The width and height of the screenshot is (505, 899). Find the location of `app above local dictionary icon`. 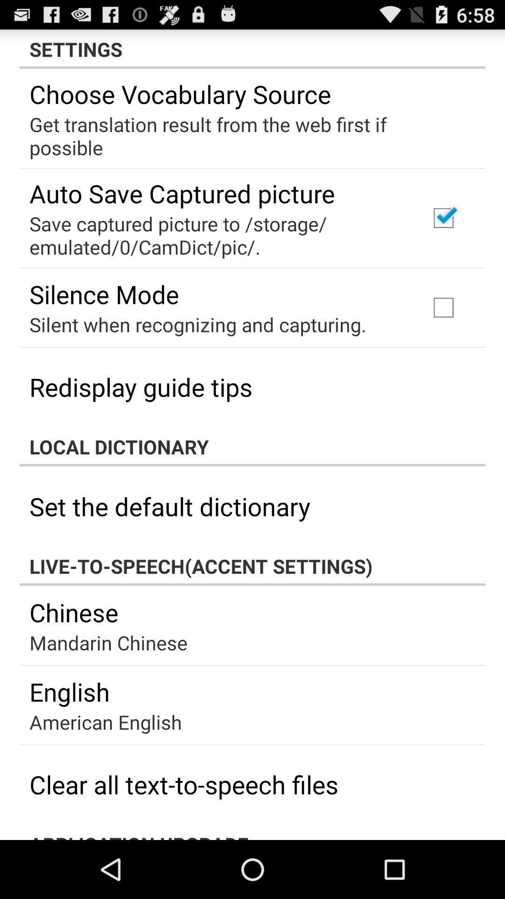

app above local dictionary icon is located at coordinates (141, 387).